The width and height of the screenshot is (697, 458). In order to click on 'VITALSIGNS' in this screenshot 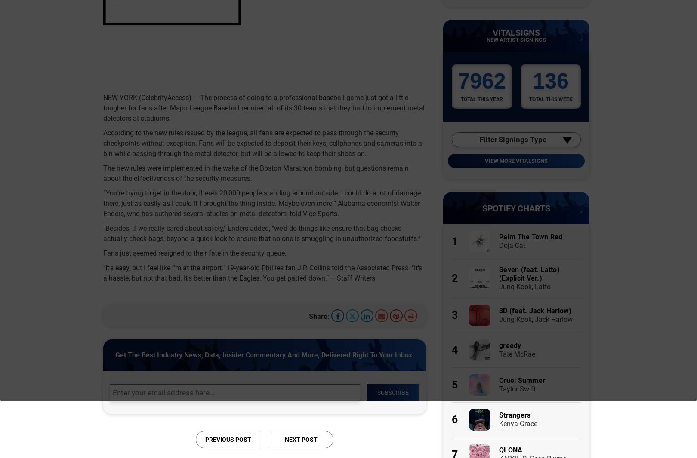, I will do `click(515, 32)`.